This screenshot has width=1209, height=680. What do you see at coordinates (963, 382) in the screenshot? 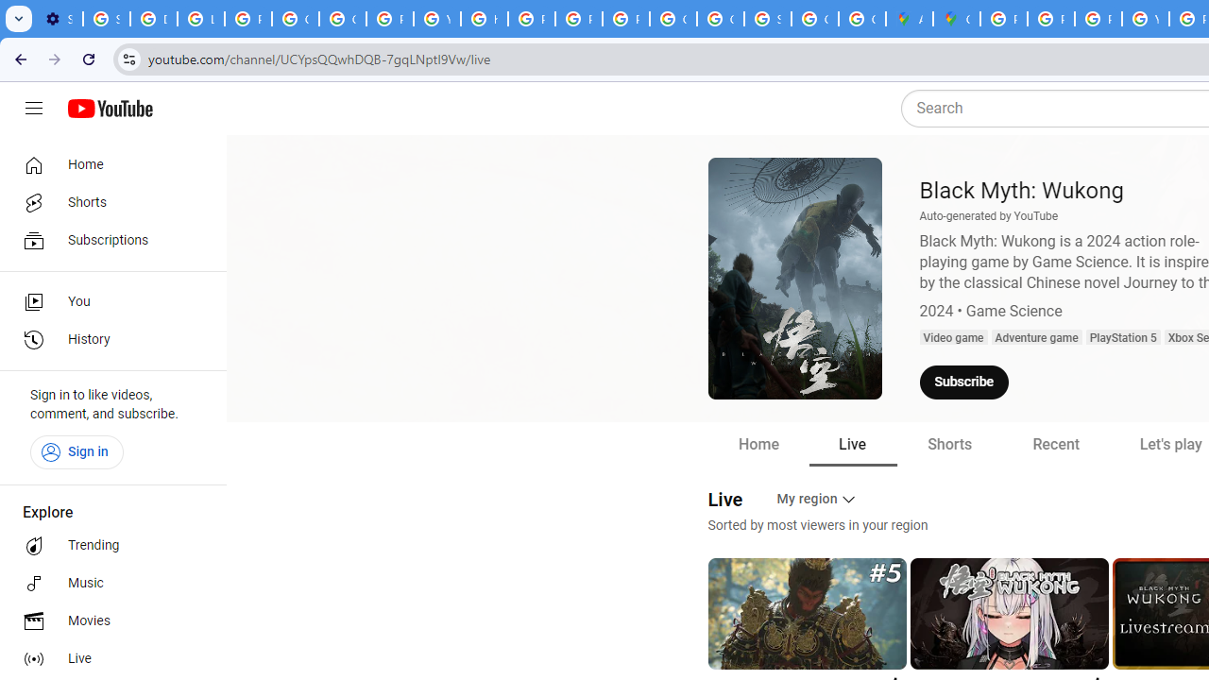
I see `'Subscribe'` at bounding box center [963, 382].